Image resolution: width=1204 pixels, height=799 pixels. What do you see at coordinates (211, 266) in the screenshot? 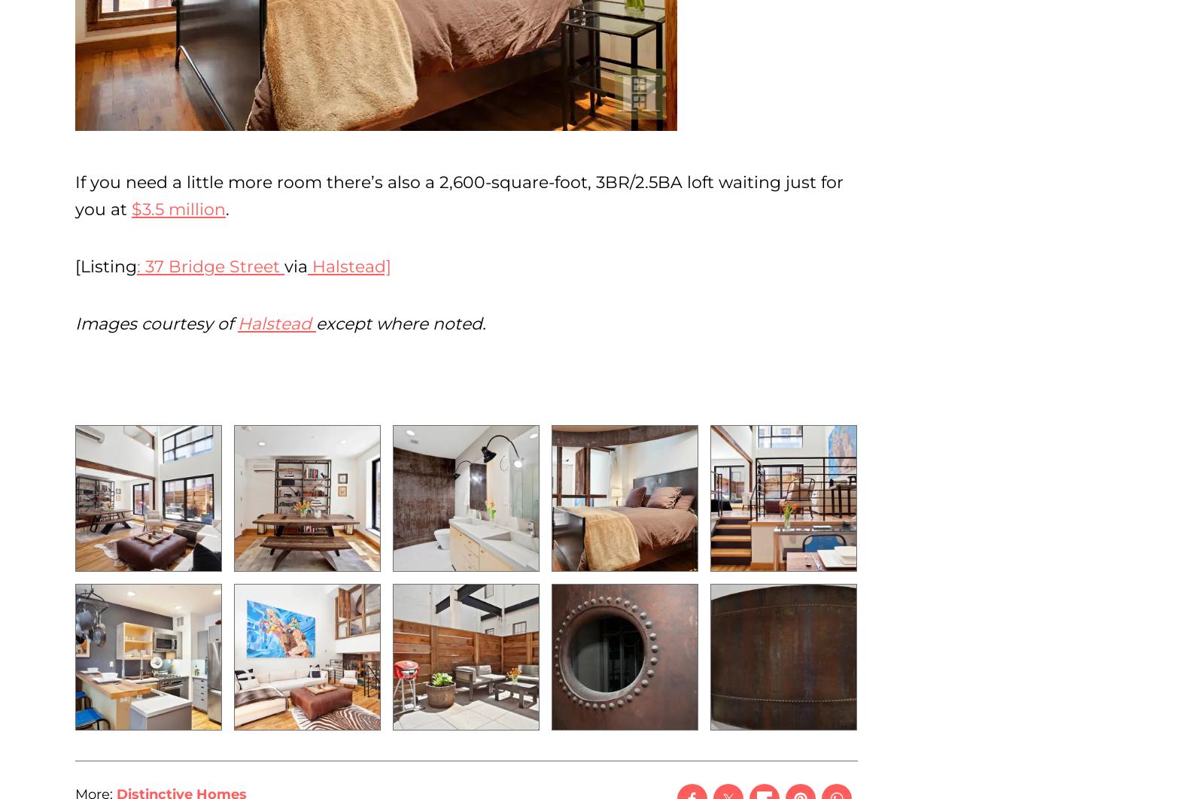
I see `': 37 Bridge Street'` at bounding box center [211, 266].